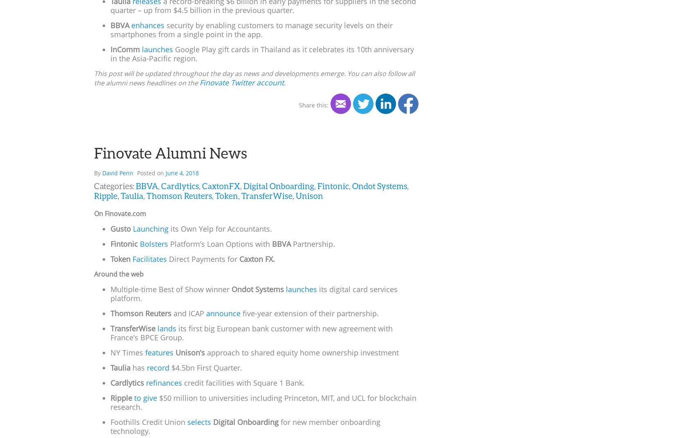 Image resolution: width=675 pixels, height=438 pixels. What do you see at coordinates (284, 82) in the screenshot?
I see `'.'` at bounding box center [284, 82].